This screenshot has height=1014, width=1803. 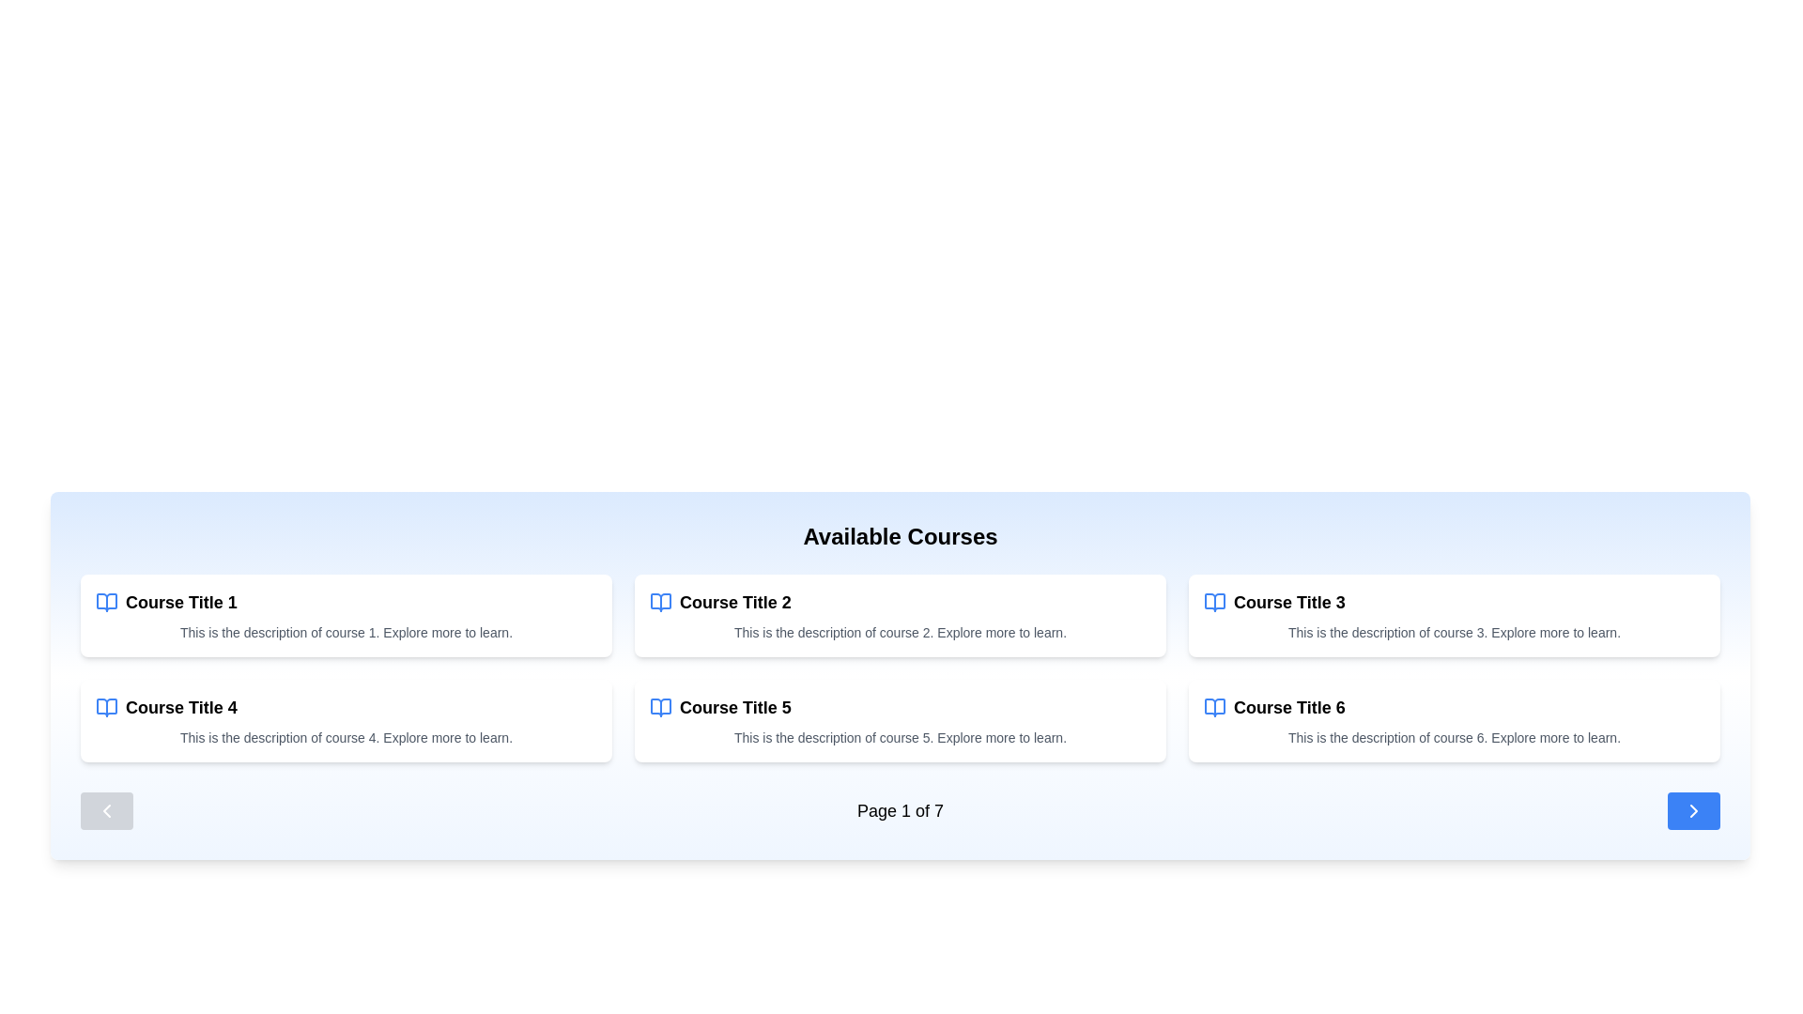 I want to click on the text display that provides information about Course 1, located inside the first course card in the top-left corner of the grid, so click(x=347, y=633).